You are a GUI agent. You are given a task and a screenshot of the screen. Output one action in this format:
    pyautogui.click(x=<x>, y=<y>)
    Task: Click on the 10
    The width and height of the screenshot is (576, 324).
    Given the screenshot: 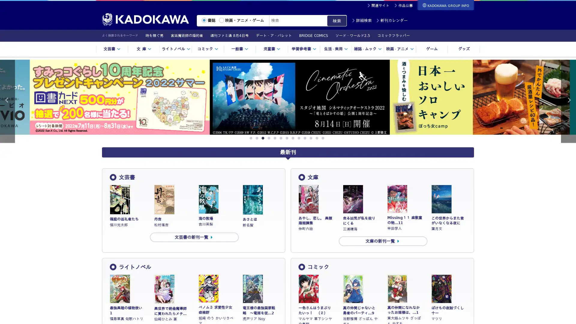 What is the action you would take?
    pyautogui.click(x=306, y=138)
    